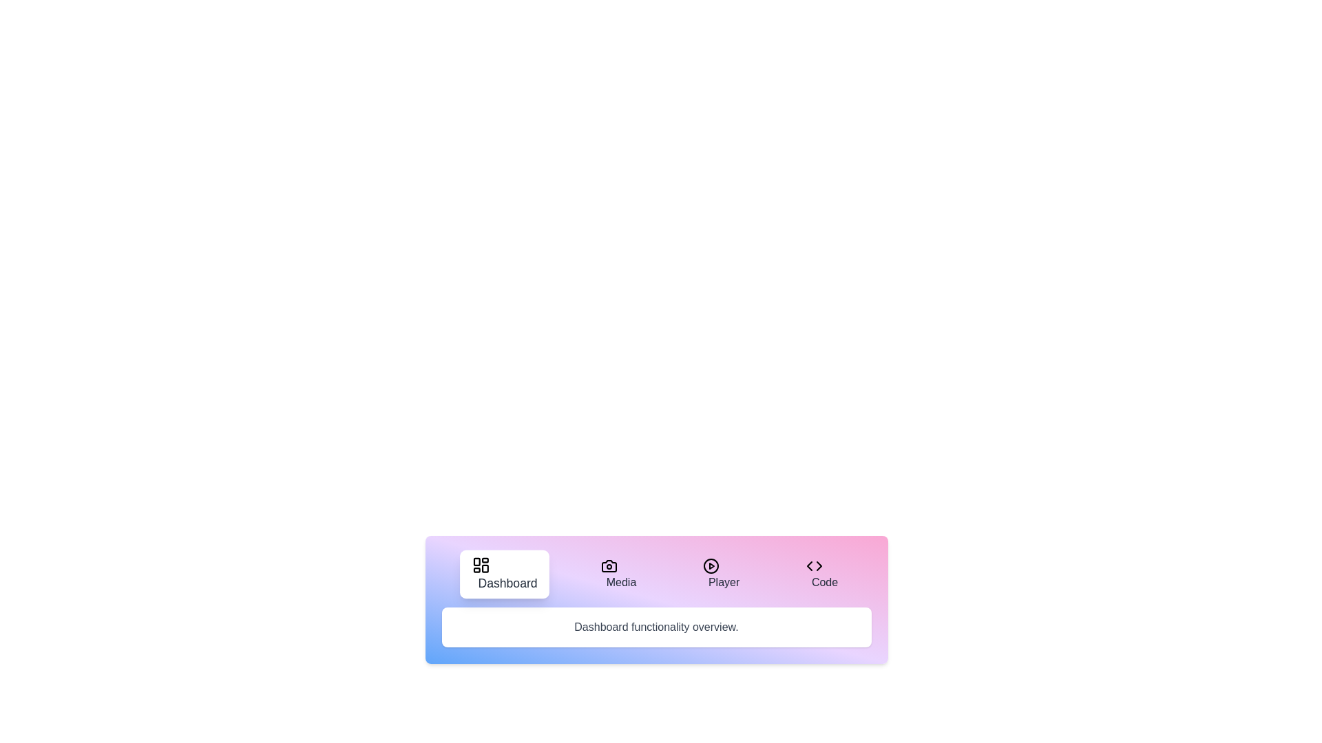 The height and width of the screenshot is (743, 1322). What do you see at coordinates (503, 574) in the screenshot?
I see `the tab labeled Dashboard` at bounding box center [503, 574].